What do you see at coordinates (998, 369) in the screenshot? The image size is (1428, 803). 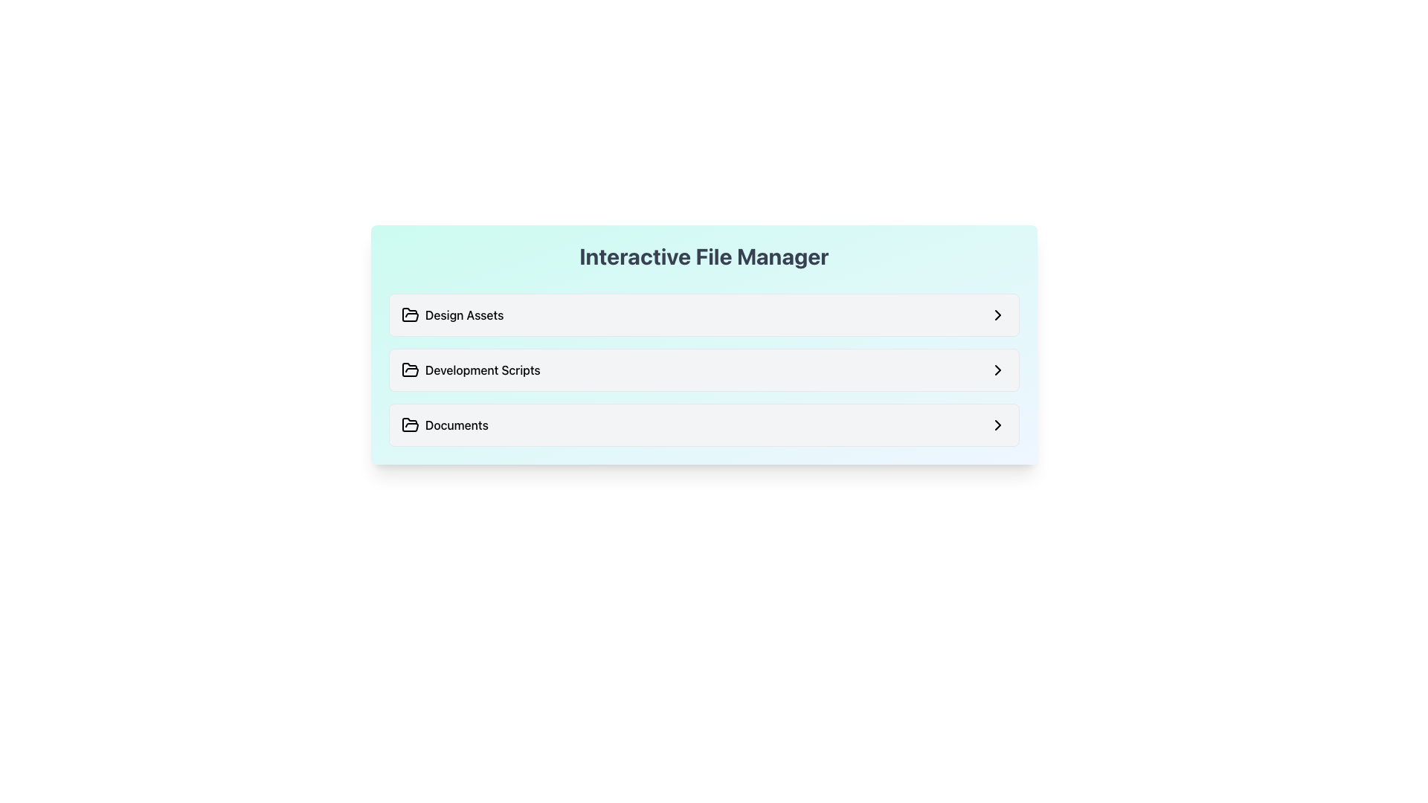 I see `the small right-pointing chevron icon located at the far right side of the 'Development Scripts' list item in the 'Interactive File Manager' interface` at bounding box center [998, 369].